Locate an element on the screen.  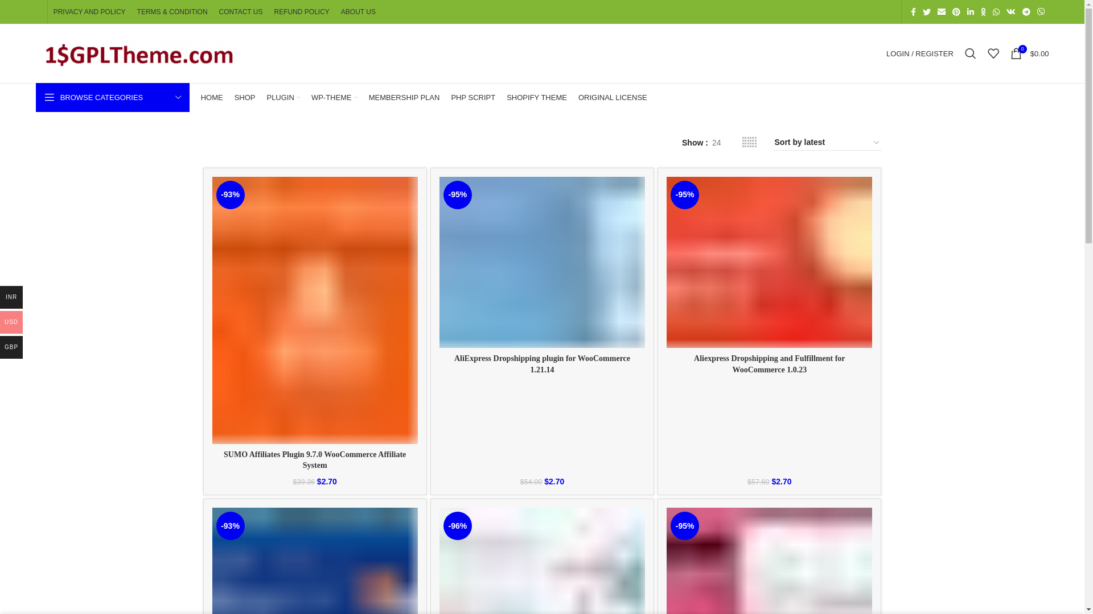
'-95%' is located at coordinates (541, 262).